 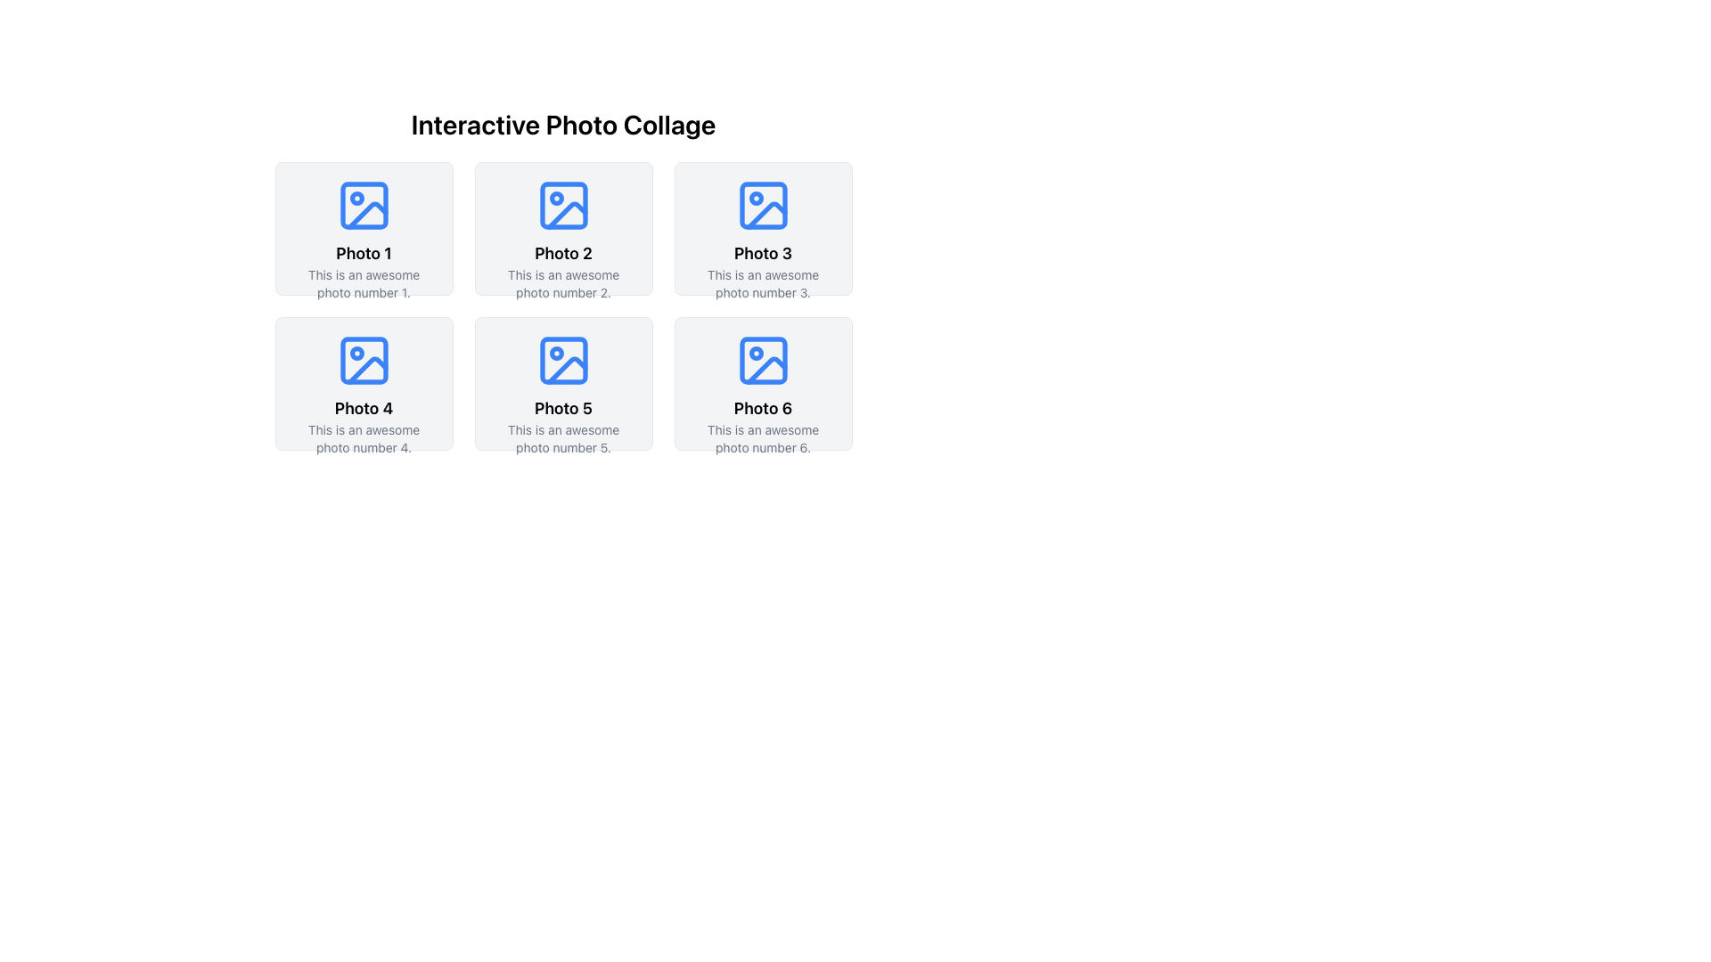 What do you see at coordinates (763, 439) in the screenshot?
I see `text snippet that says 'This is an awesome photo number 6.' located in the bottom section of the card labeled 'Photo 6.'` at bounding box center [763, 439].